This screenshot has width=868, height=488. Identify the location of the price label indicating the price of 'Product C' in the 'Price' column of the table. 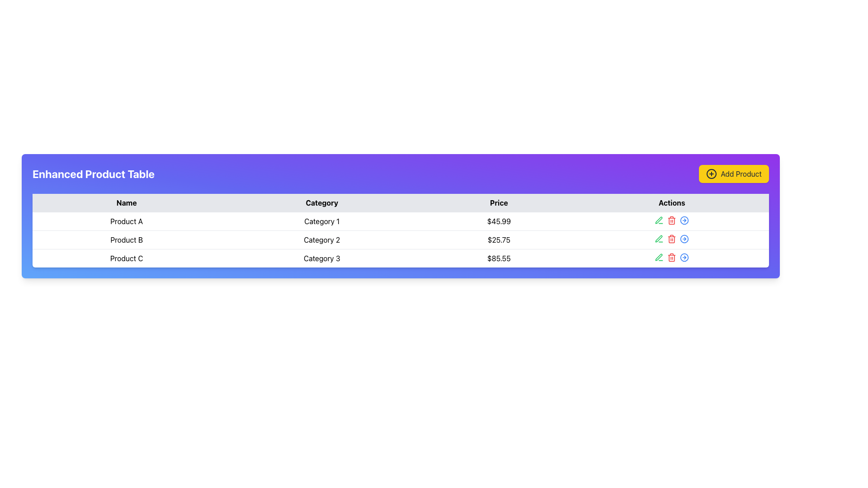
(498, 258).